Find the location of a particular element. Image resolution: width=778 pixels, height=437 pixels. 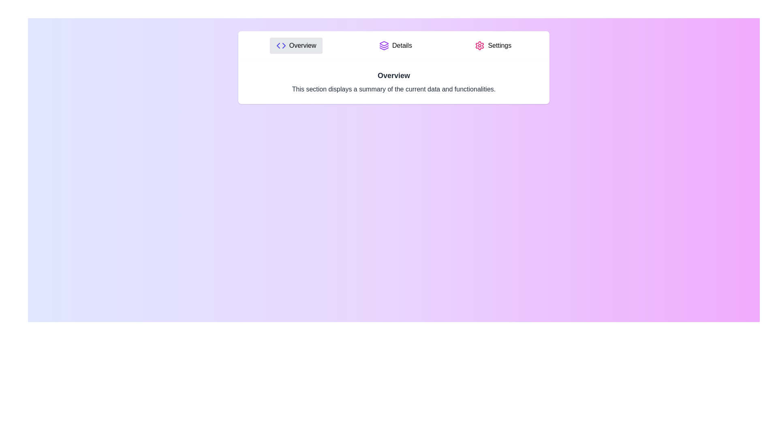

the purple icon resembling stacked lines, which is the third segment of the icon group above the 'Details' label is located at coordinates (383, 49).